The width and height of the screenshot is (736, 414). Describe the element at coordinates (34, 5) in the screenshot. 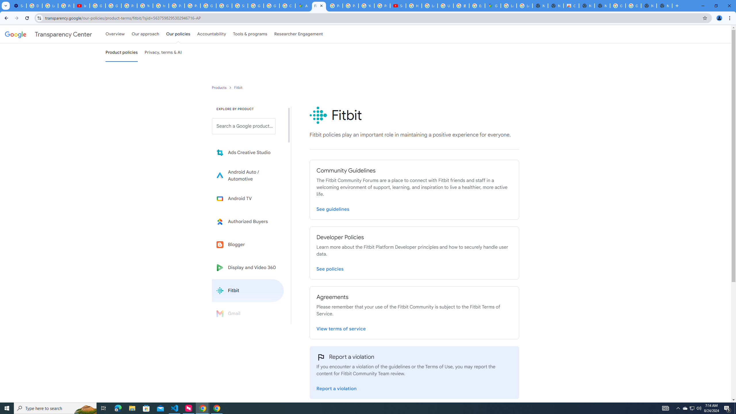

I see `'Delete photos & videos - Computer - Google Photos Help'` at that location.